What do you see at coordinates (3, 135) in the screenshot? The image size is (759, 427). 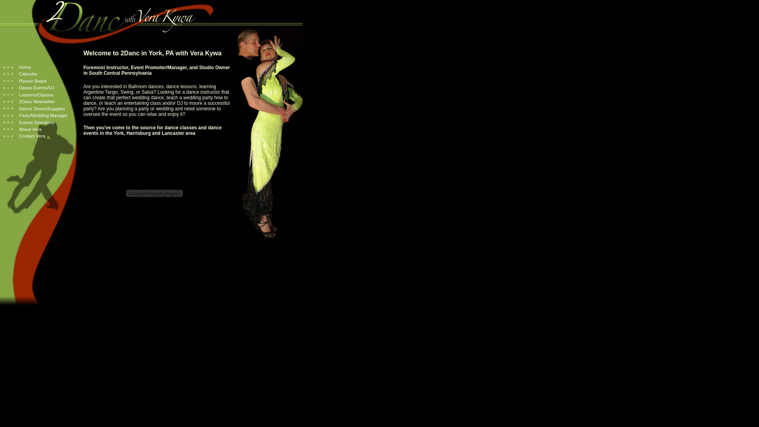 I see `'Contact Vera'` at bounding box center [3, 135].